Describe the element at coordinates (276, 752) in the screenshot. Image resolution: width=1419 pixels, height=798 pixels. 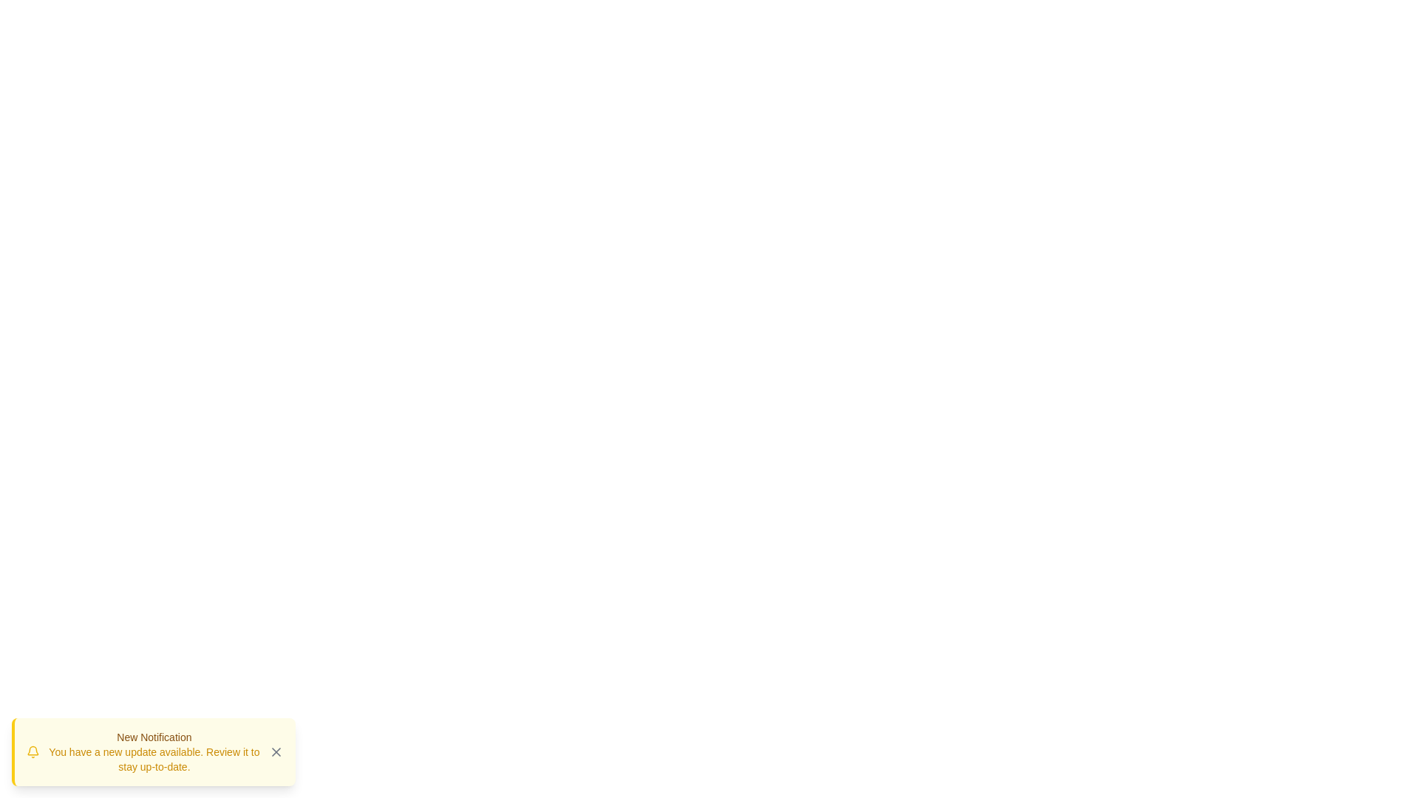
I see `the close icon located at the far right of the notification box` at that location.